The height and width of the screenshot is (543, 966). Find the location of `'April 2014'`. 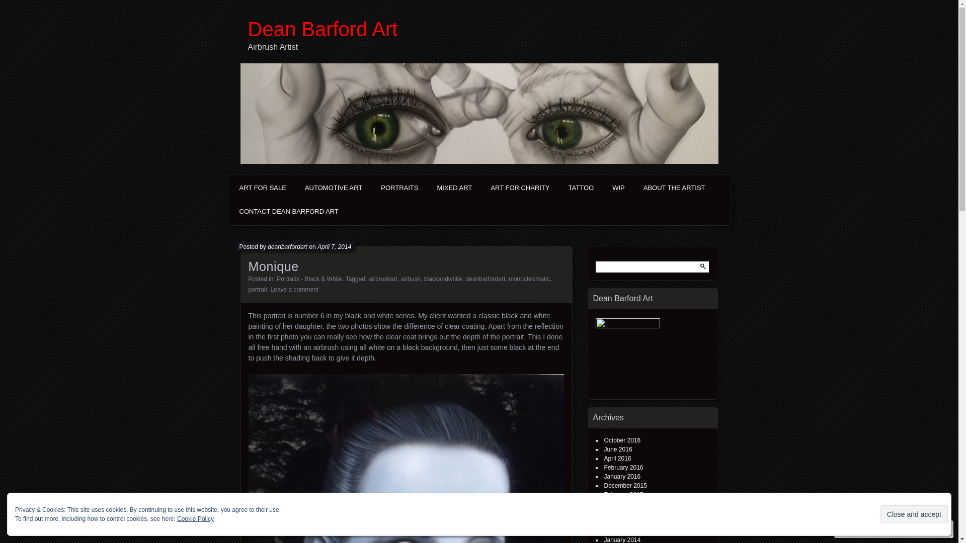

'April 2014' is located at coordinates (617, 512).